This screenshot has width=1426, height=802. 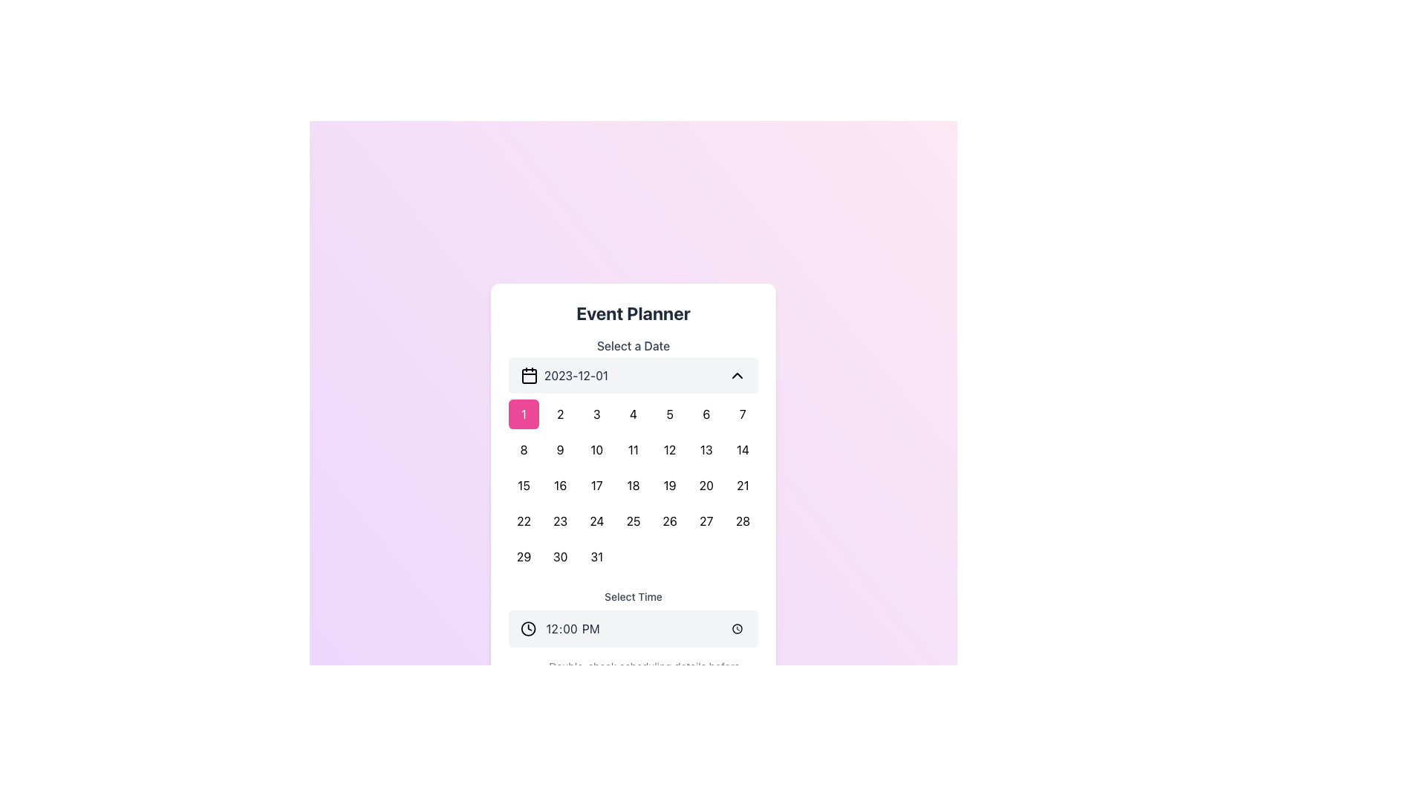 I want to click on the date picker widget, so click(x=634, y=454).